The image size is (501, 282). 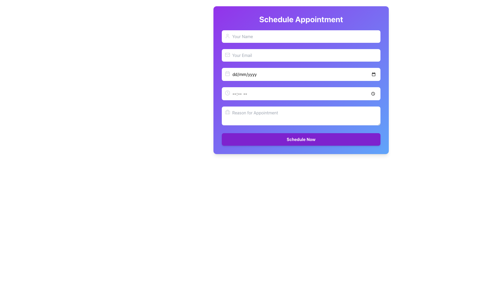 What do you see at coordinates (228, 55) in the screenshot?
I see `the email icon graphical element located inside the email input field, positioned near the left side, which represents the purpose of the input field for email address entry` at bounding box center [228, 55].